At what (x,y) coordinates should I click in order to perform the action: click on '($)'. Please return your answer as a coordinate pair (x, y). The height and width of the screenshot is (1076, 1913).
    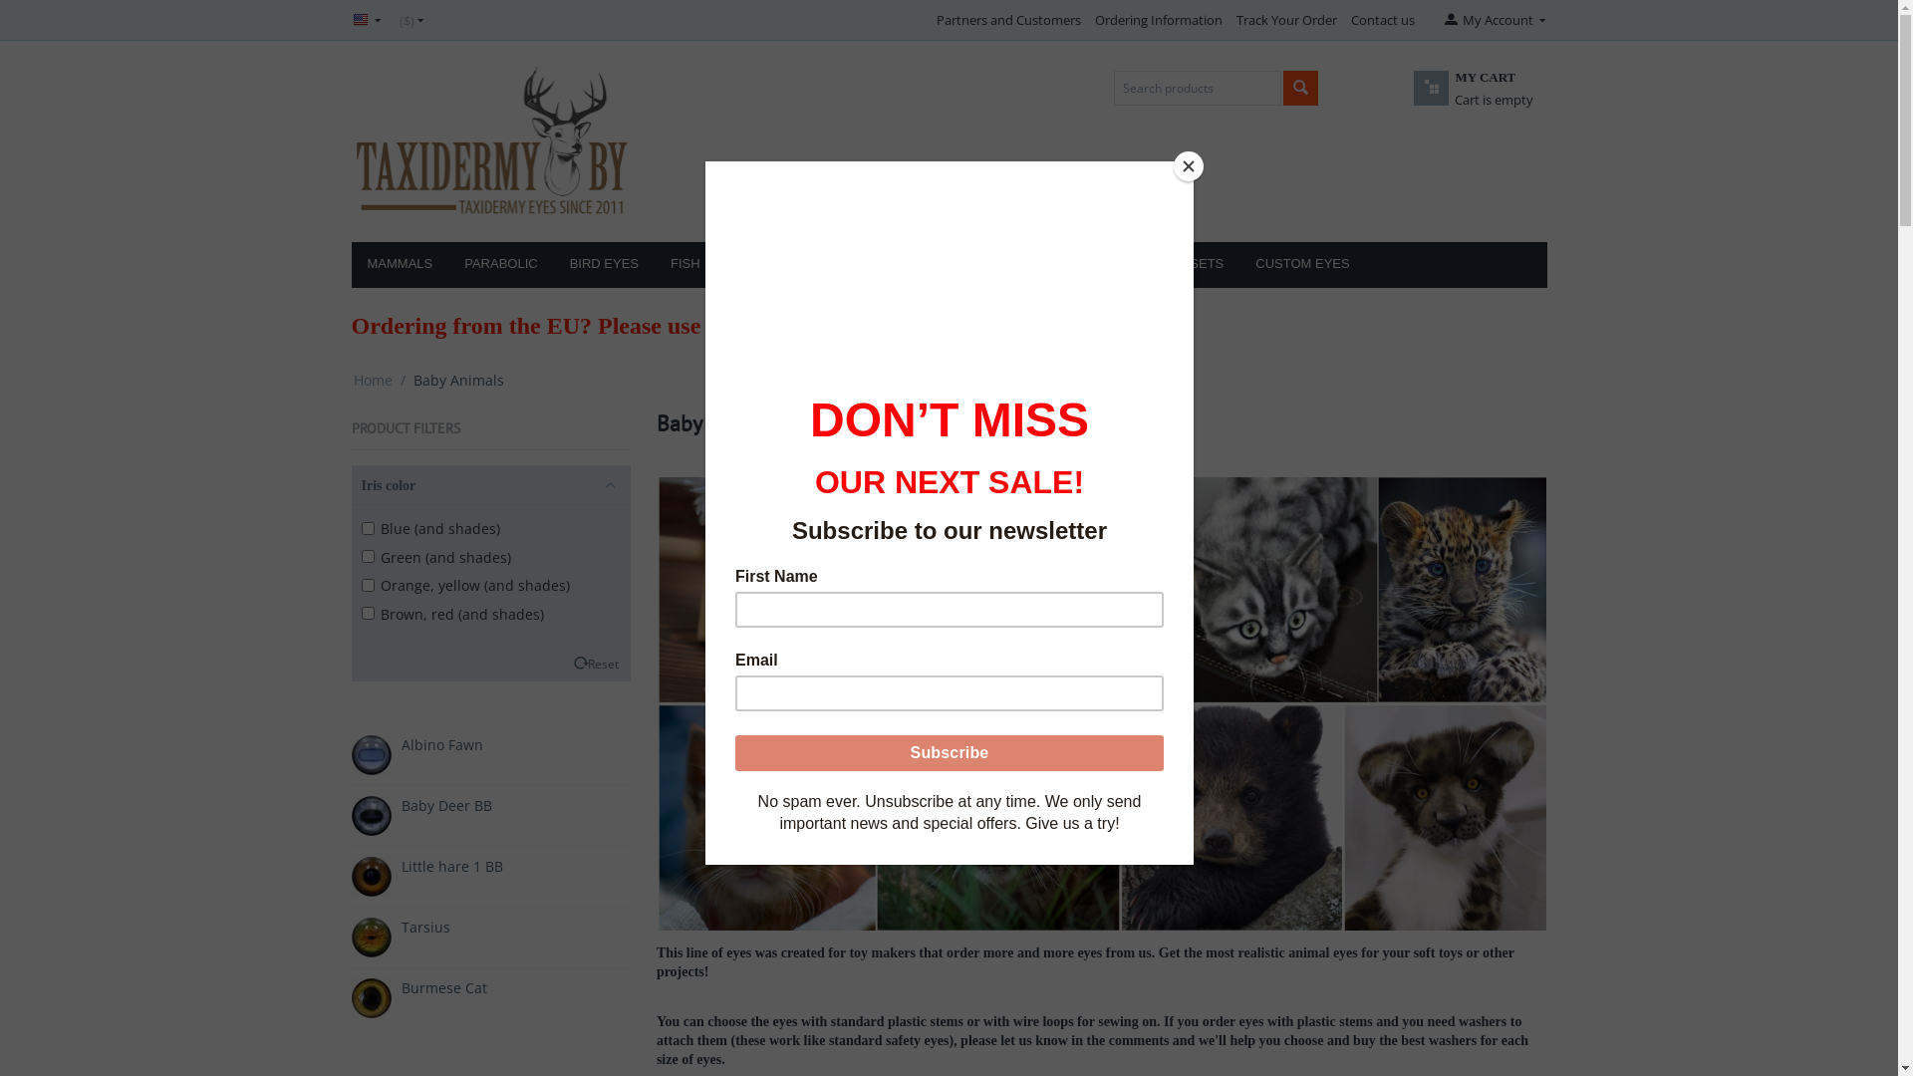
    Looking at the image, I should click on (410, 19).